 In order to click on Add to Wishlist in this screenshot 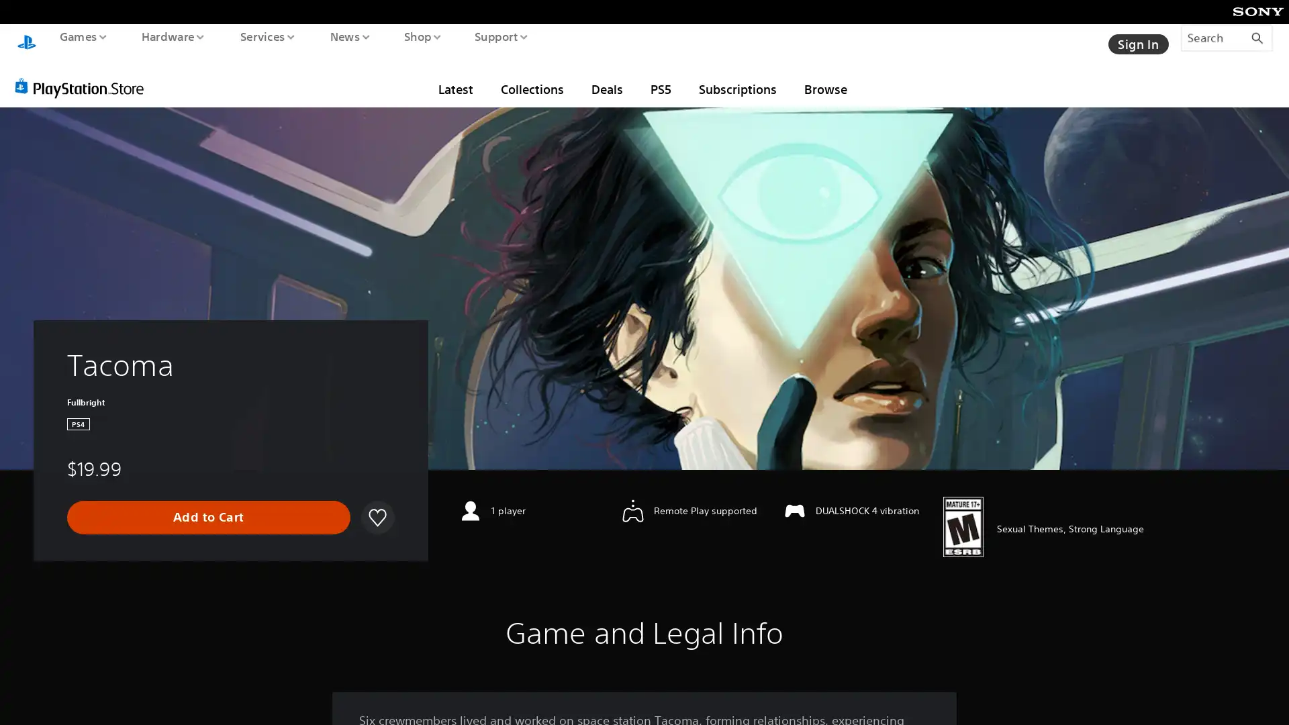, I will do `click(376, 505)`.